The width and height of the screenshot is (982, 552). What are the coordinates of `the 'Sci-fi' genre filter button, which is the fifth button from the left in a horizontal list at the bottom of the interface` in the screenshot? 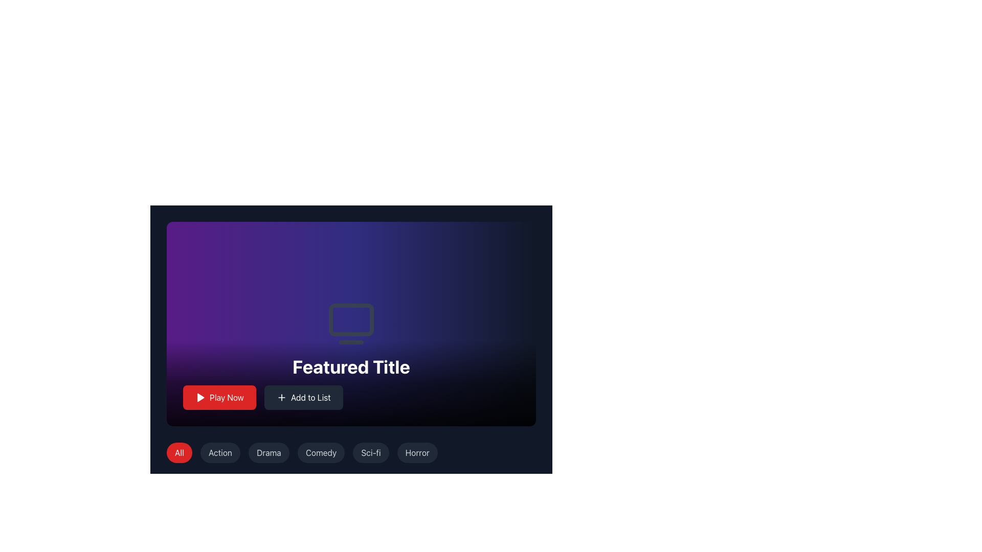 It's located at (370, 452).